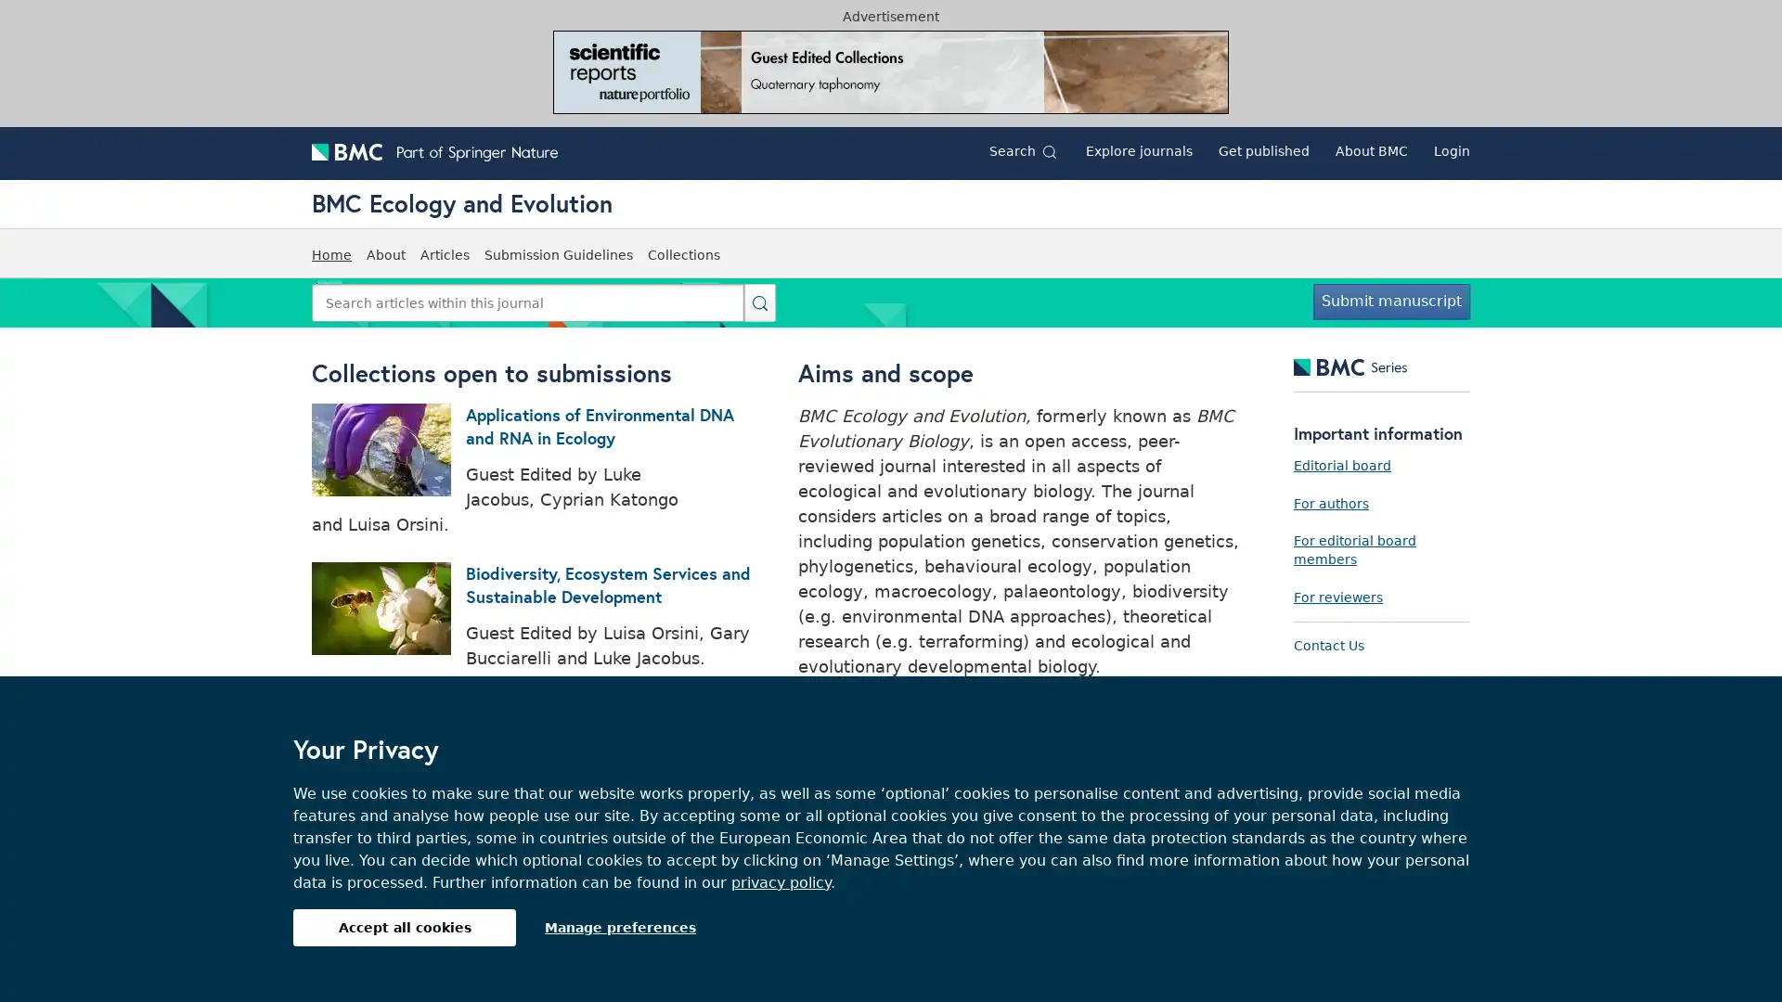  Describe the element at coordinates (760, 302) in the screenshot. I see `Search` at that location.